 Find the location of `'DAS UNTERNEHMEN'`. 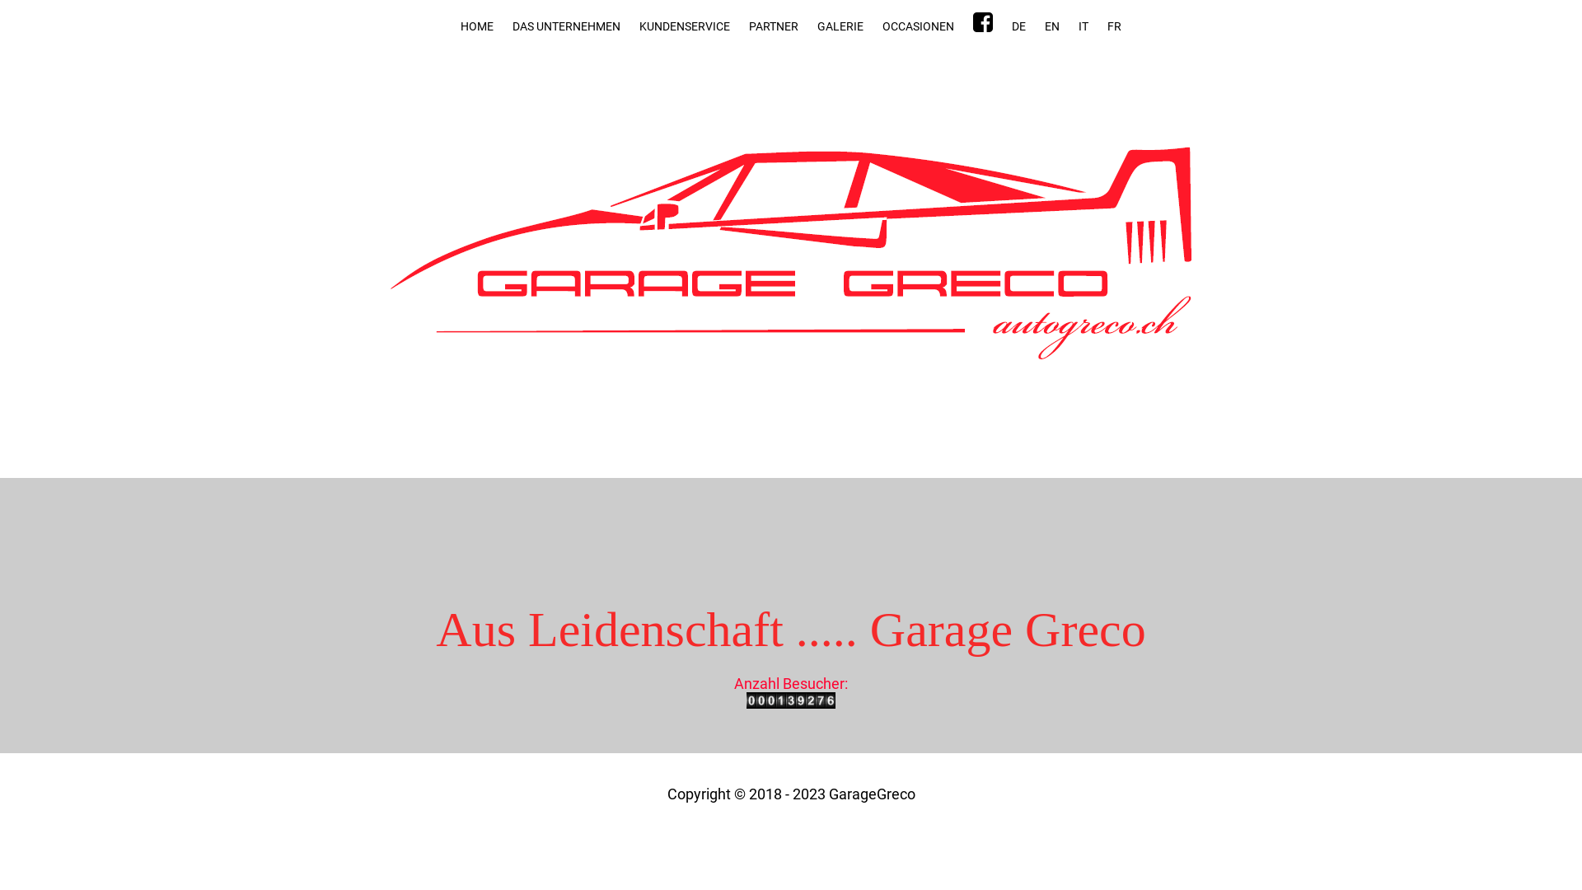

'DAS UNTERNEHMEN' is located at coordinates (503, 26).